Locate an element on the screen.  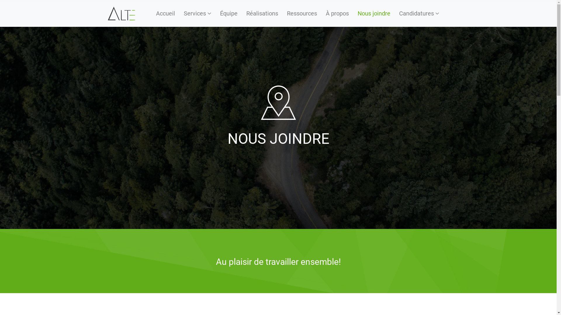
'Services' is located at coordinates (198, 13).